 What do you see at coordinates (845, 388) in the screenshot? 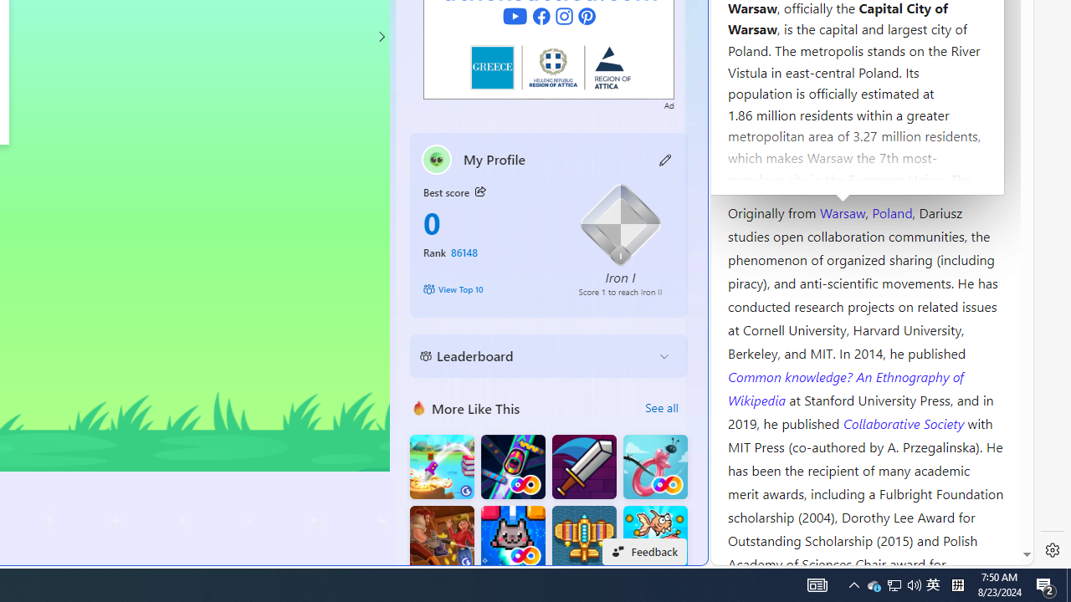
I see `'Common knowledge? An Ethnography of Wikipedia'` at bounding box center [845, 388].